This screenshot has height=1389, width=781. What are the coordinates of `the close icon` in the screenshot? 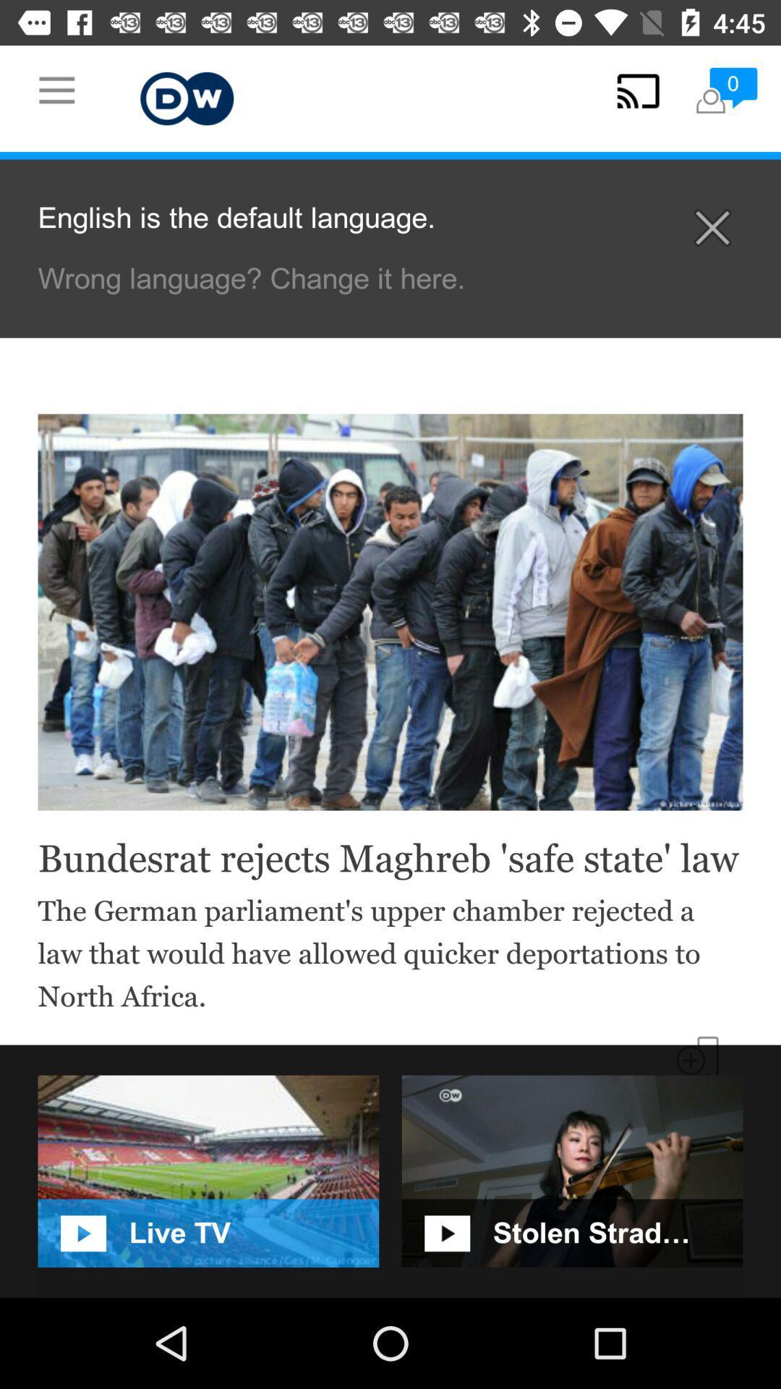 It's located at (712, 227).